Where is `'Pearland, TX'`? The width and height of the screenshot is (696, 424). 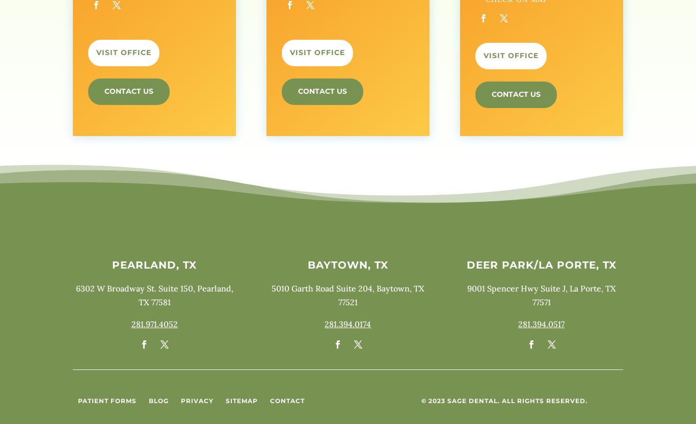 'Pearland, TX' is located at coordinates (112, 264).